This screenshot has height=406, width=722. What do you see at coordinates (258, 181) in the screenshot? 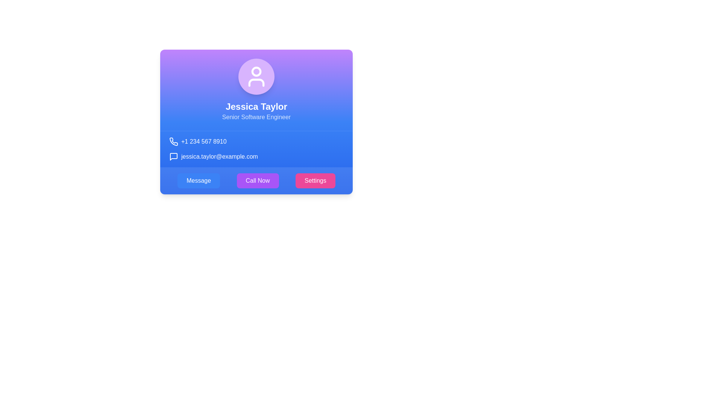
I see `the call button located at the bottom of the profile card to initiate a call to the individual featured in the profile card` at bounding box center [258, 181].